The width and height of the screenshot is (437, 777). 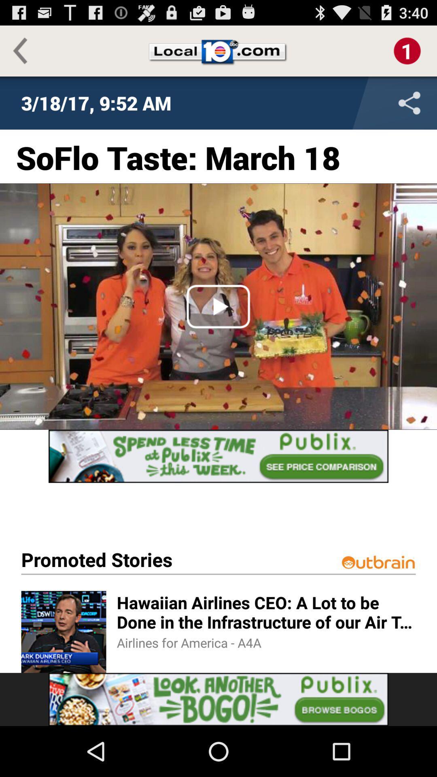 I want to click on advertisement link, so click(x=218, y=699).